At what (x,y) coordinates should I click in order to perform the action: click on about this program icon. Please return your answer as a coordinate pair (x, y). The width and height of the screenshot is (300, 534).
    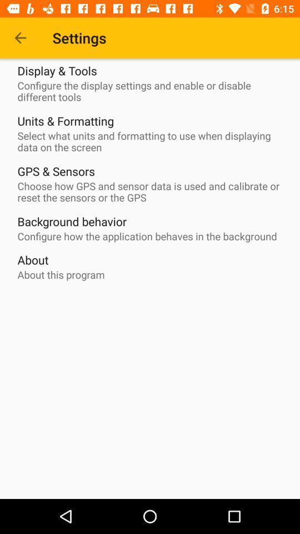
    Looking at the image, I should click on (61, 274).